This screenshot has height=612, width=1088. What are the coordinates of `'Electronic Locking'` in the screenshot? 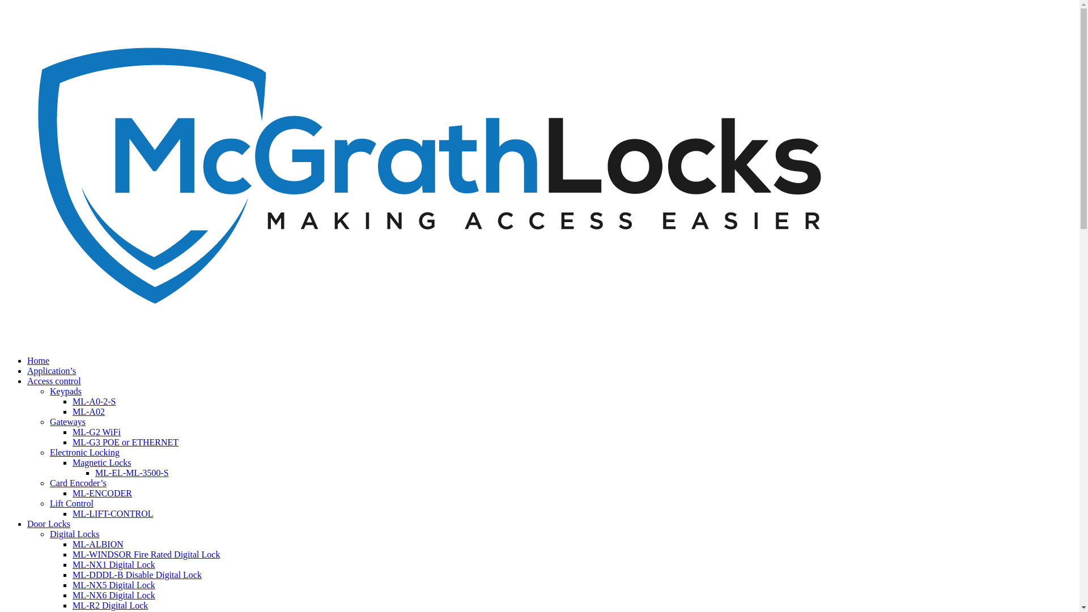 It's located at (84, 452).